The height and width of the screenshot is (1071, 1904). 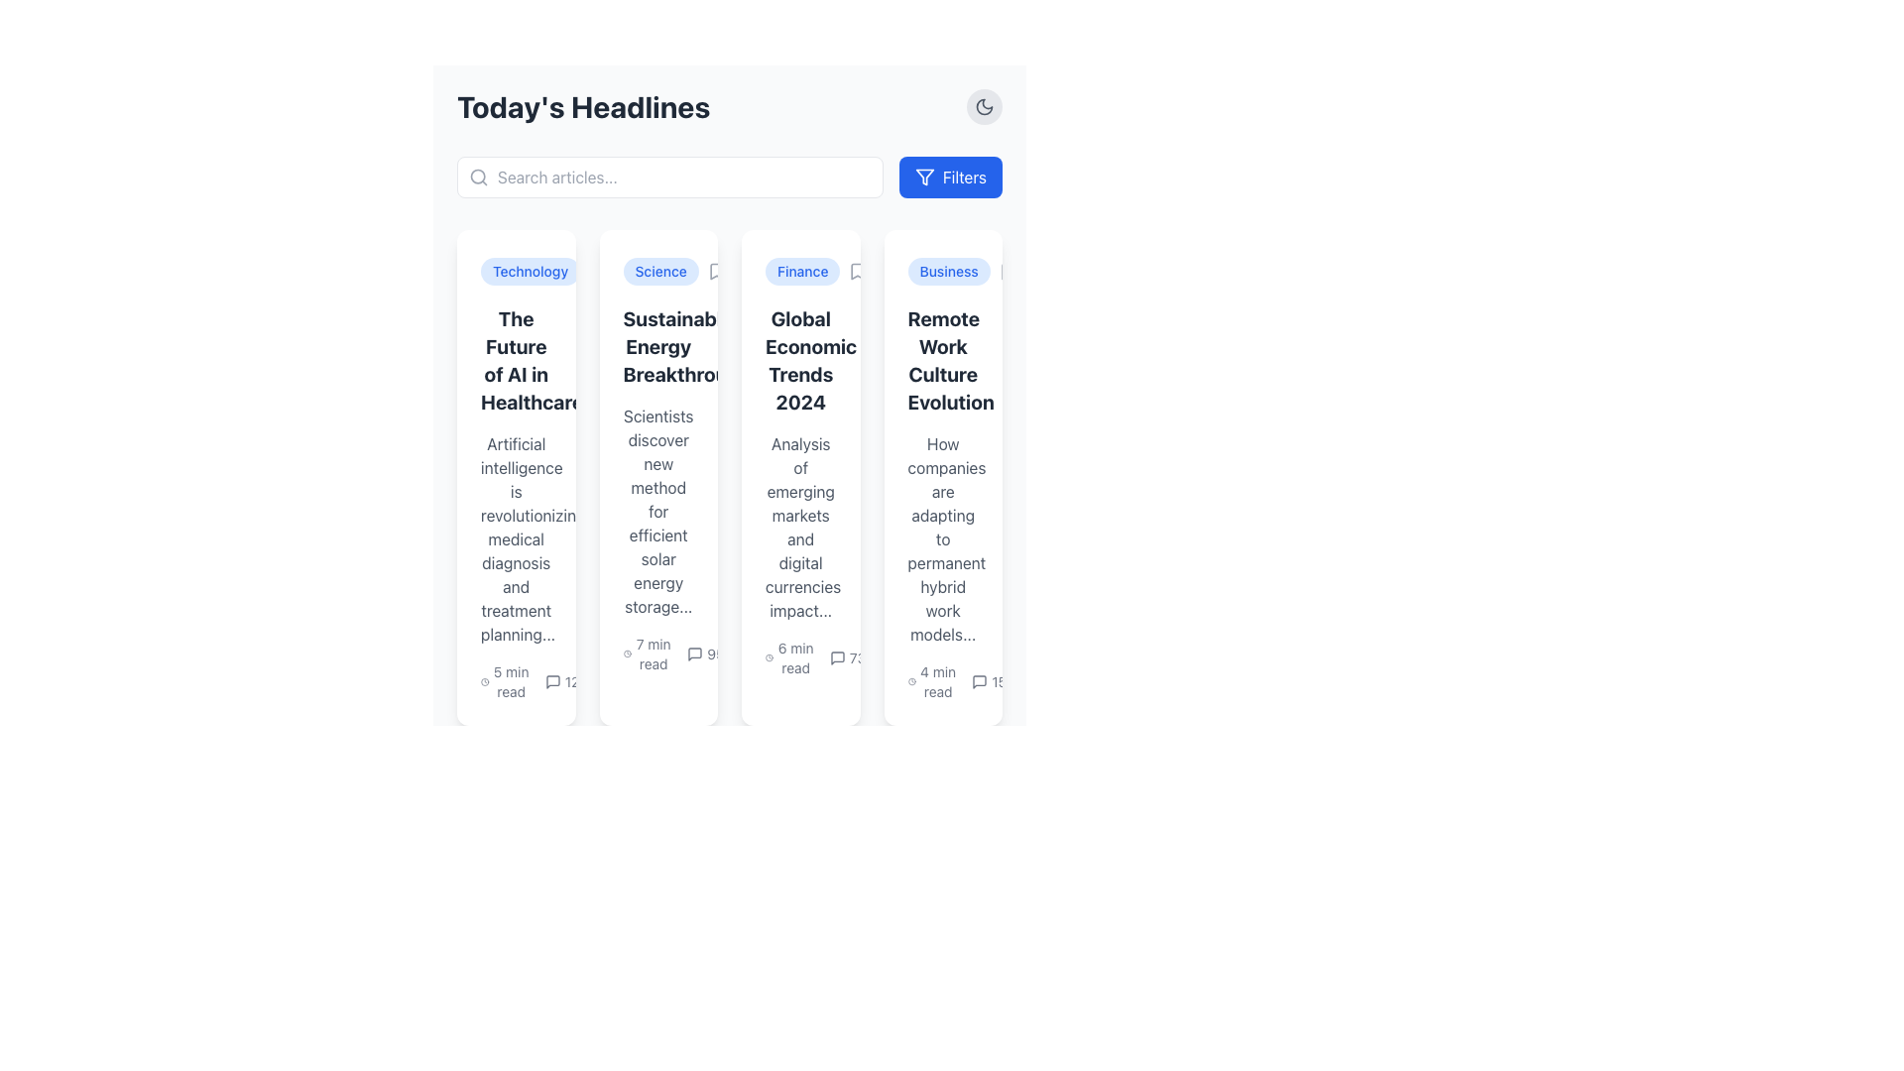 What do you see at coordinates (808, 654) in the screenshot?
I see `the text element displaying the numeric value '256', which is positioned to the right of the thumbs-up icon in the bottom section of a vertical card layout` at bounding box center [808, 654].